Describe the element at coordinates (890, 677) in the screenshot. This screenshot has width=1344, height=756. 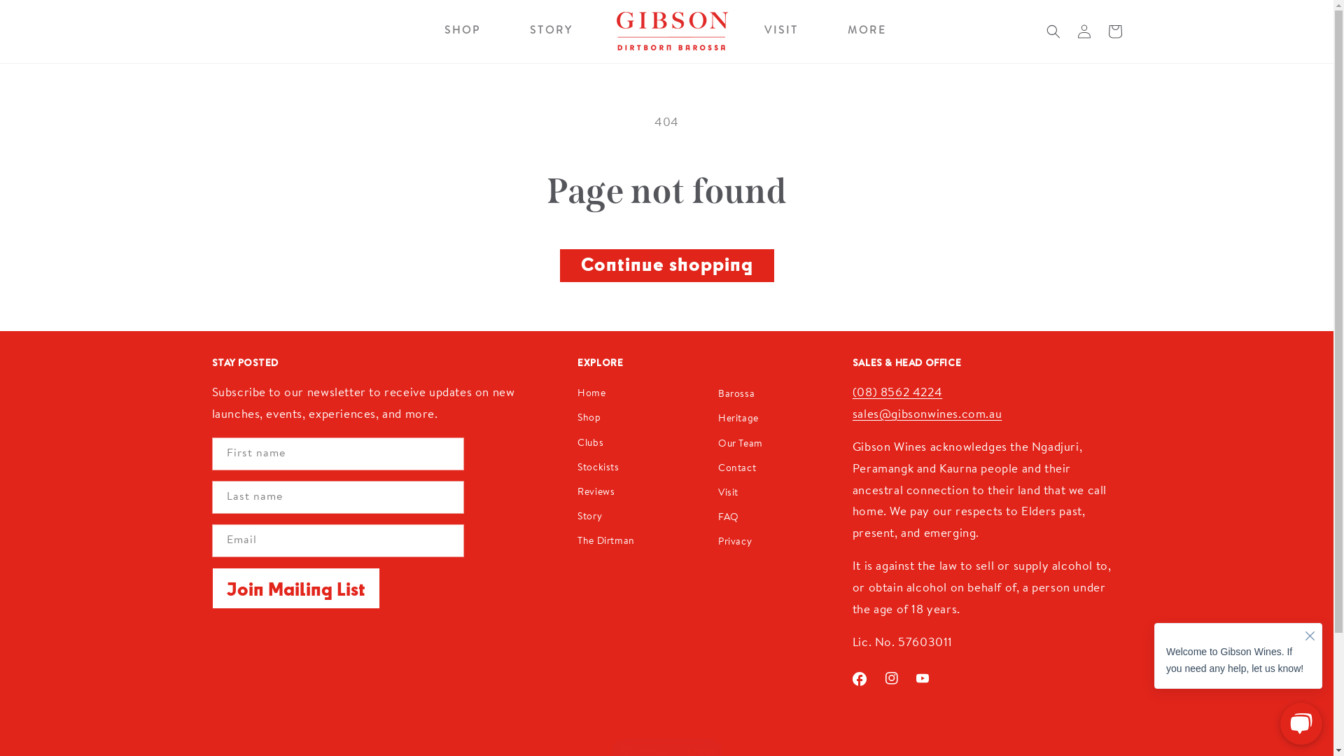
I see `'Instagram'` at that location.